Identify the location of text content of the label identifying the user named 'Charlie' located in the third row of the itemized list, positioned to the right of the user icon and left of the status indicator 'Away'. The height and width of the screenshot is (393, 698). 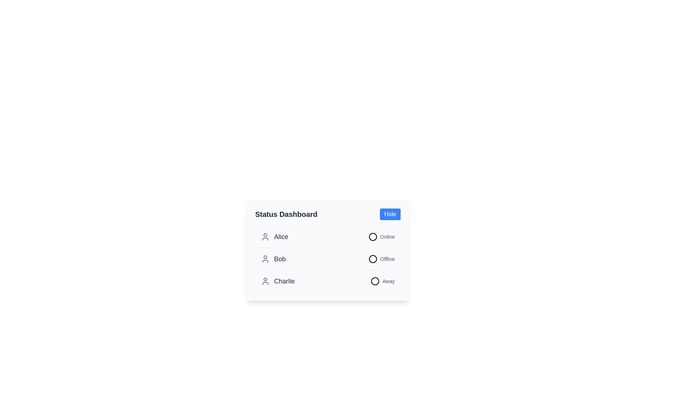
(284, 281).